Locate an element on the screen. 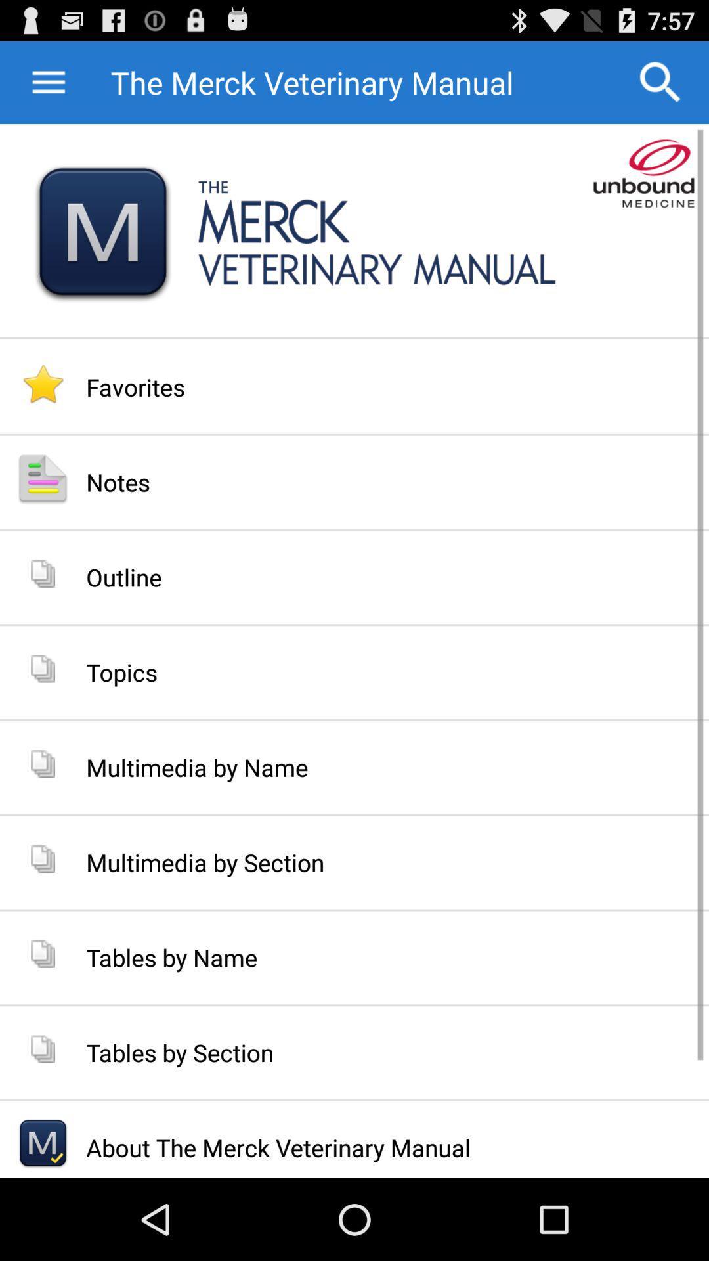 The image size is (709, 1261). the option button which is topleft is located at coordinates (66, 82).